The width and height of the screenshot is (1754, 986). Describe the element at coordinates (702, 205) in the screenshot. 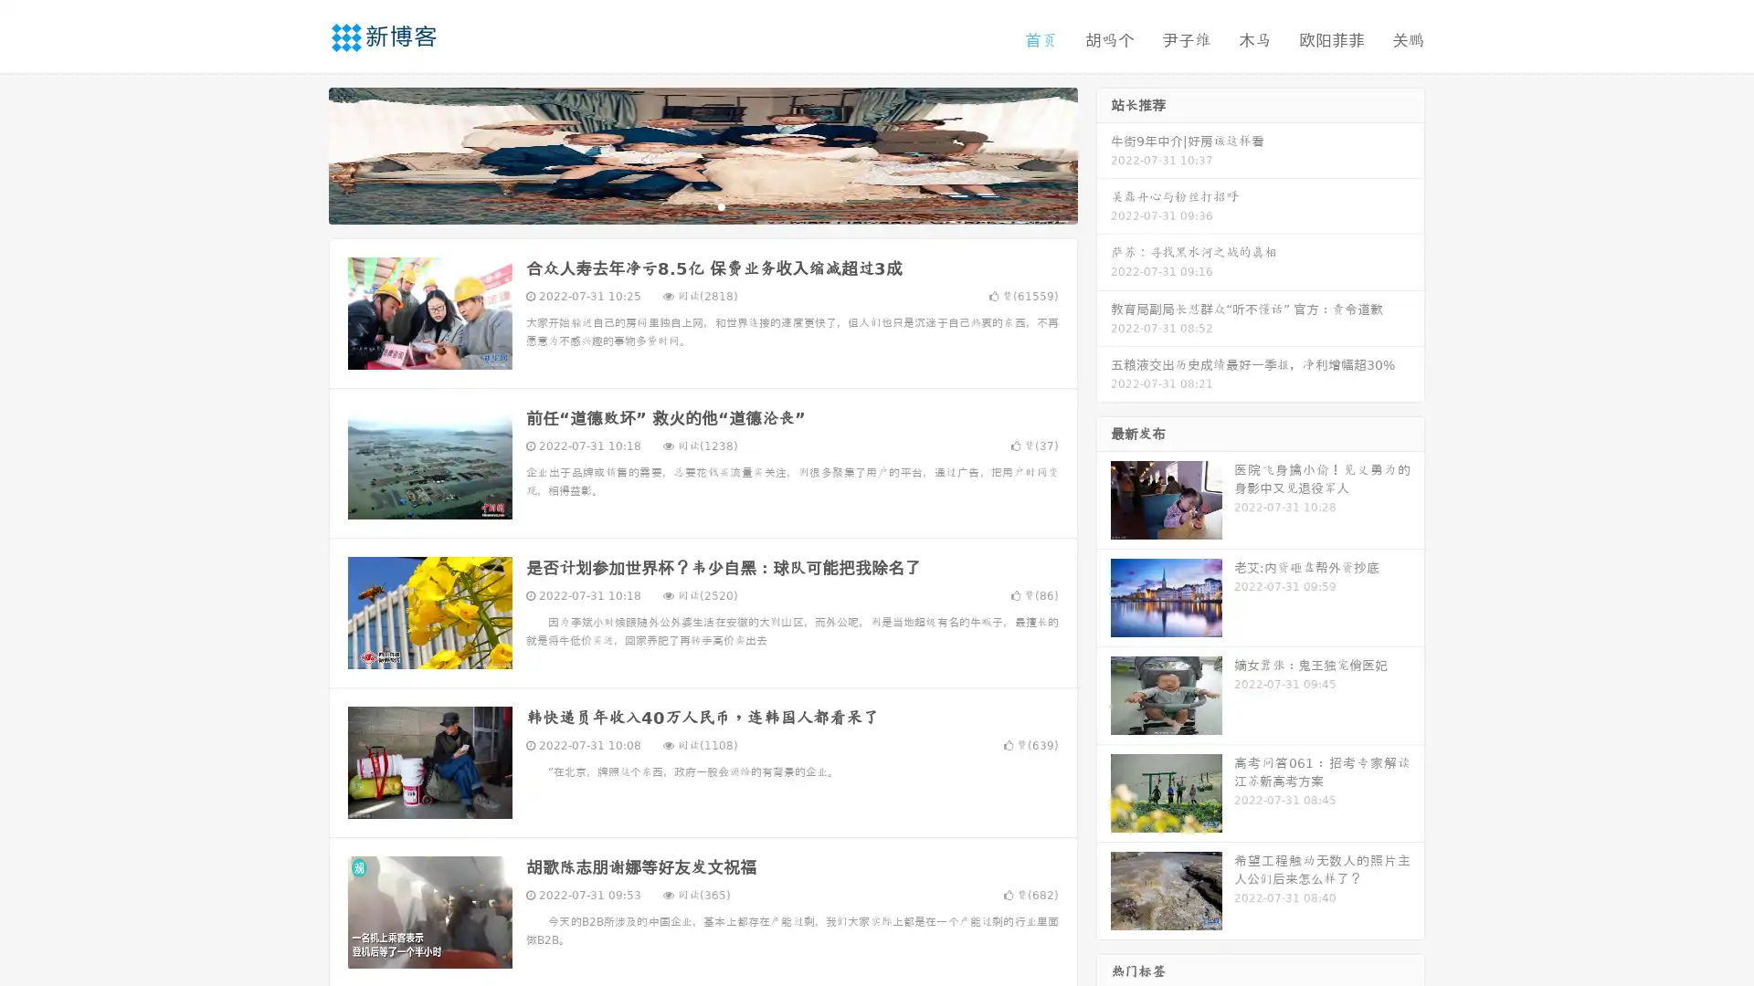

I see `Go to slide 2` at that location.